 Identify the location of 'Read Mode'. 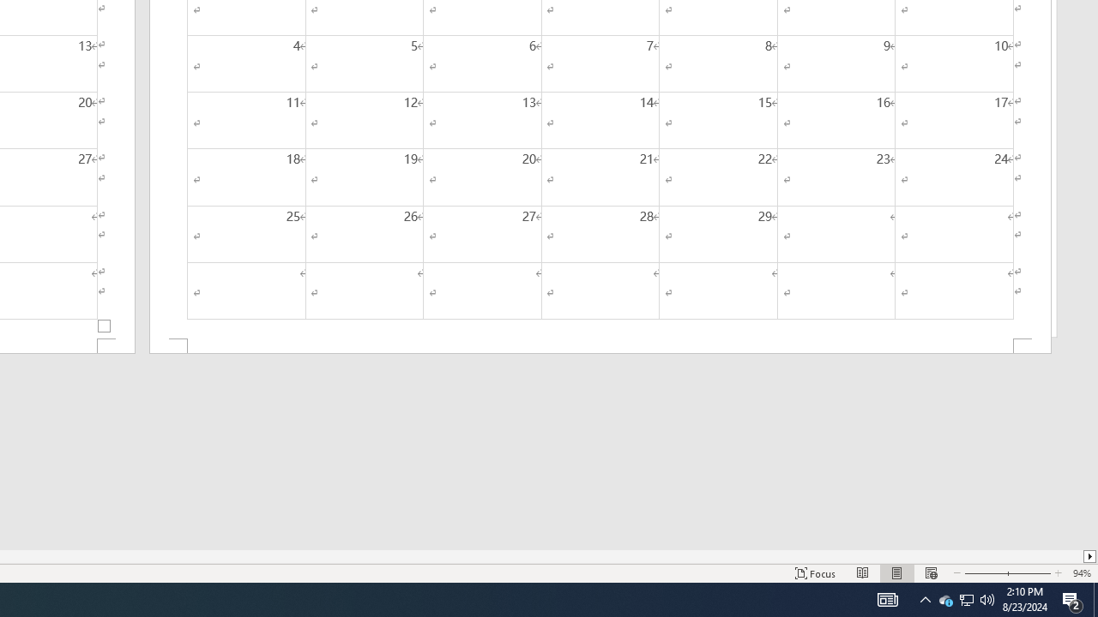
(863, 573).